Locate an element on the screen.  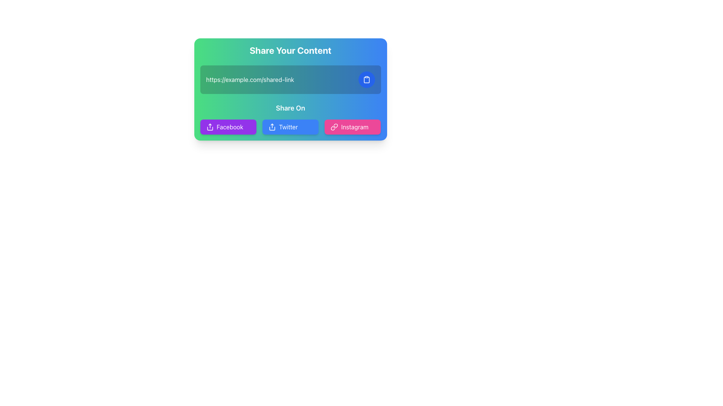
the 'Instagram' sharing icon located inside the pink 'Instagram' button in the bottom-right corner of the 'Share On' section is located at coordinates (334, 127).